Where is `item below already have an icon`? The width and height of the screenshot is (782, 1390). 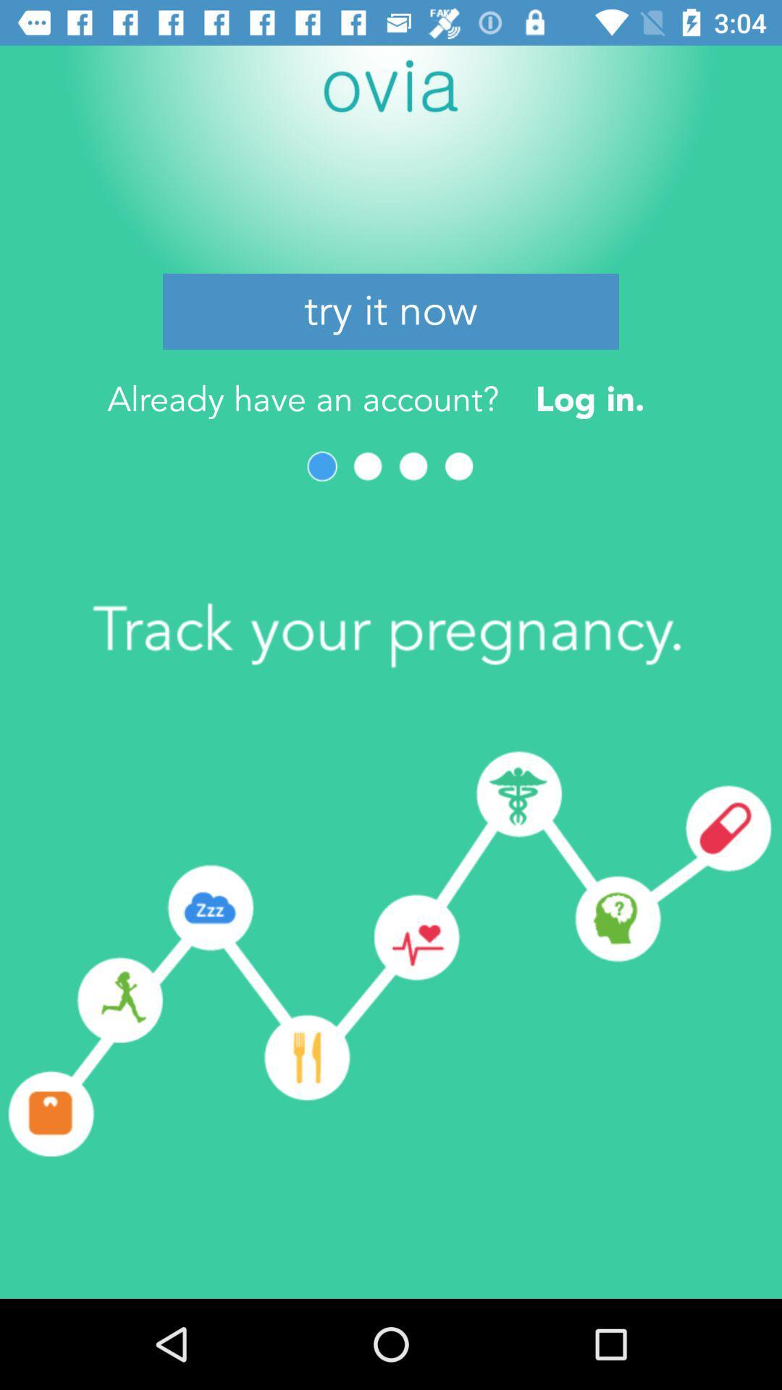 item below already have an icon is located at coordinates (459, 466).